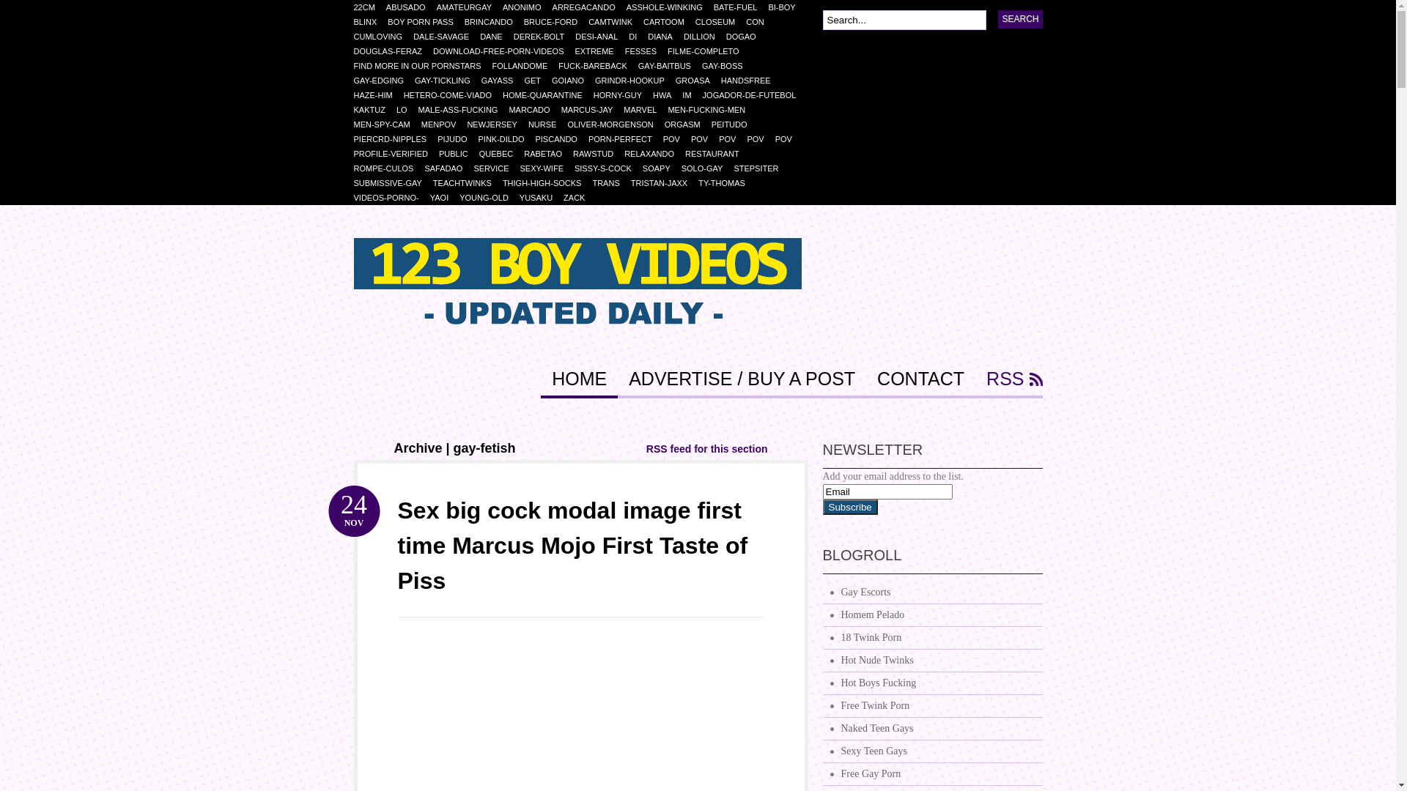 The width and height of the screenshot is (1407, 791). What do you see at coordinates (645, 109) in the screenshot?
I see `'MARVEL'` at bounding box center [645, 109].